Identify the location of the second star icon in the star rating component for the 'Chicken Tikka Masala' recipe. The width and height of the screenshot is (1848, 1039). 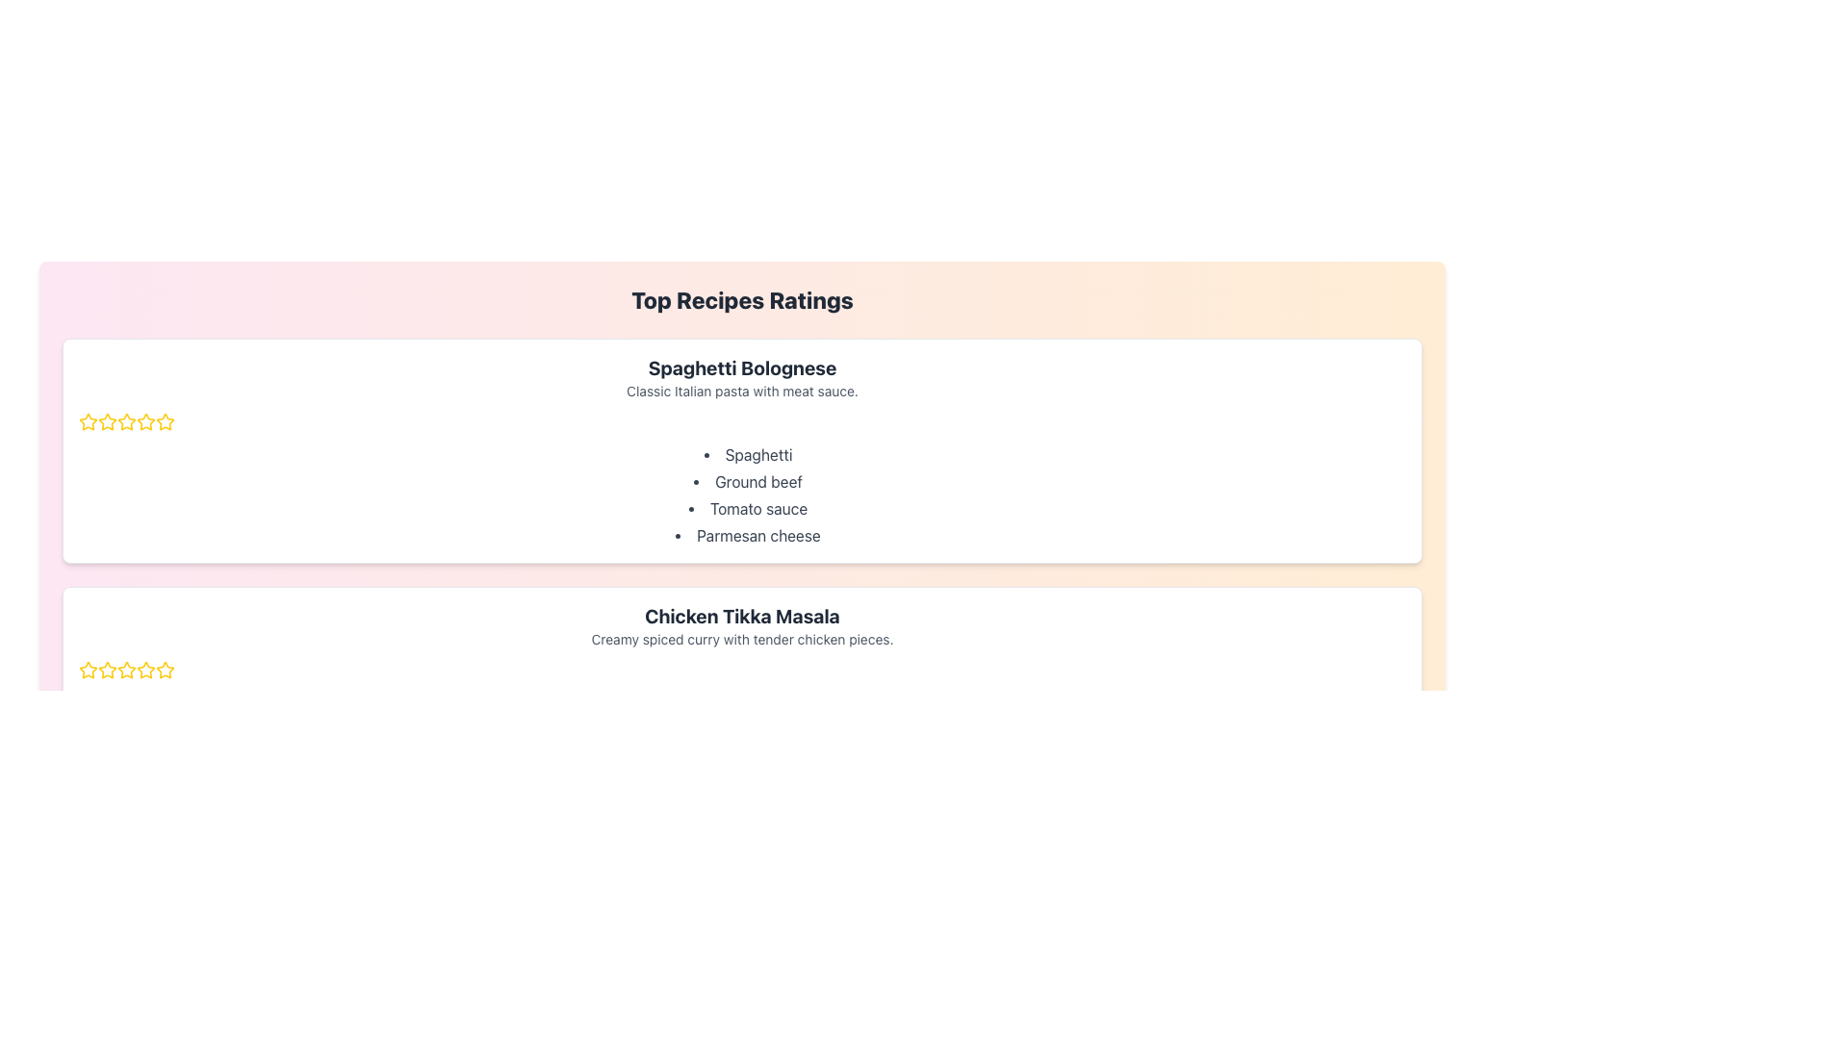
(126, 669).